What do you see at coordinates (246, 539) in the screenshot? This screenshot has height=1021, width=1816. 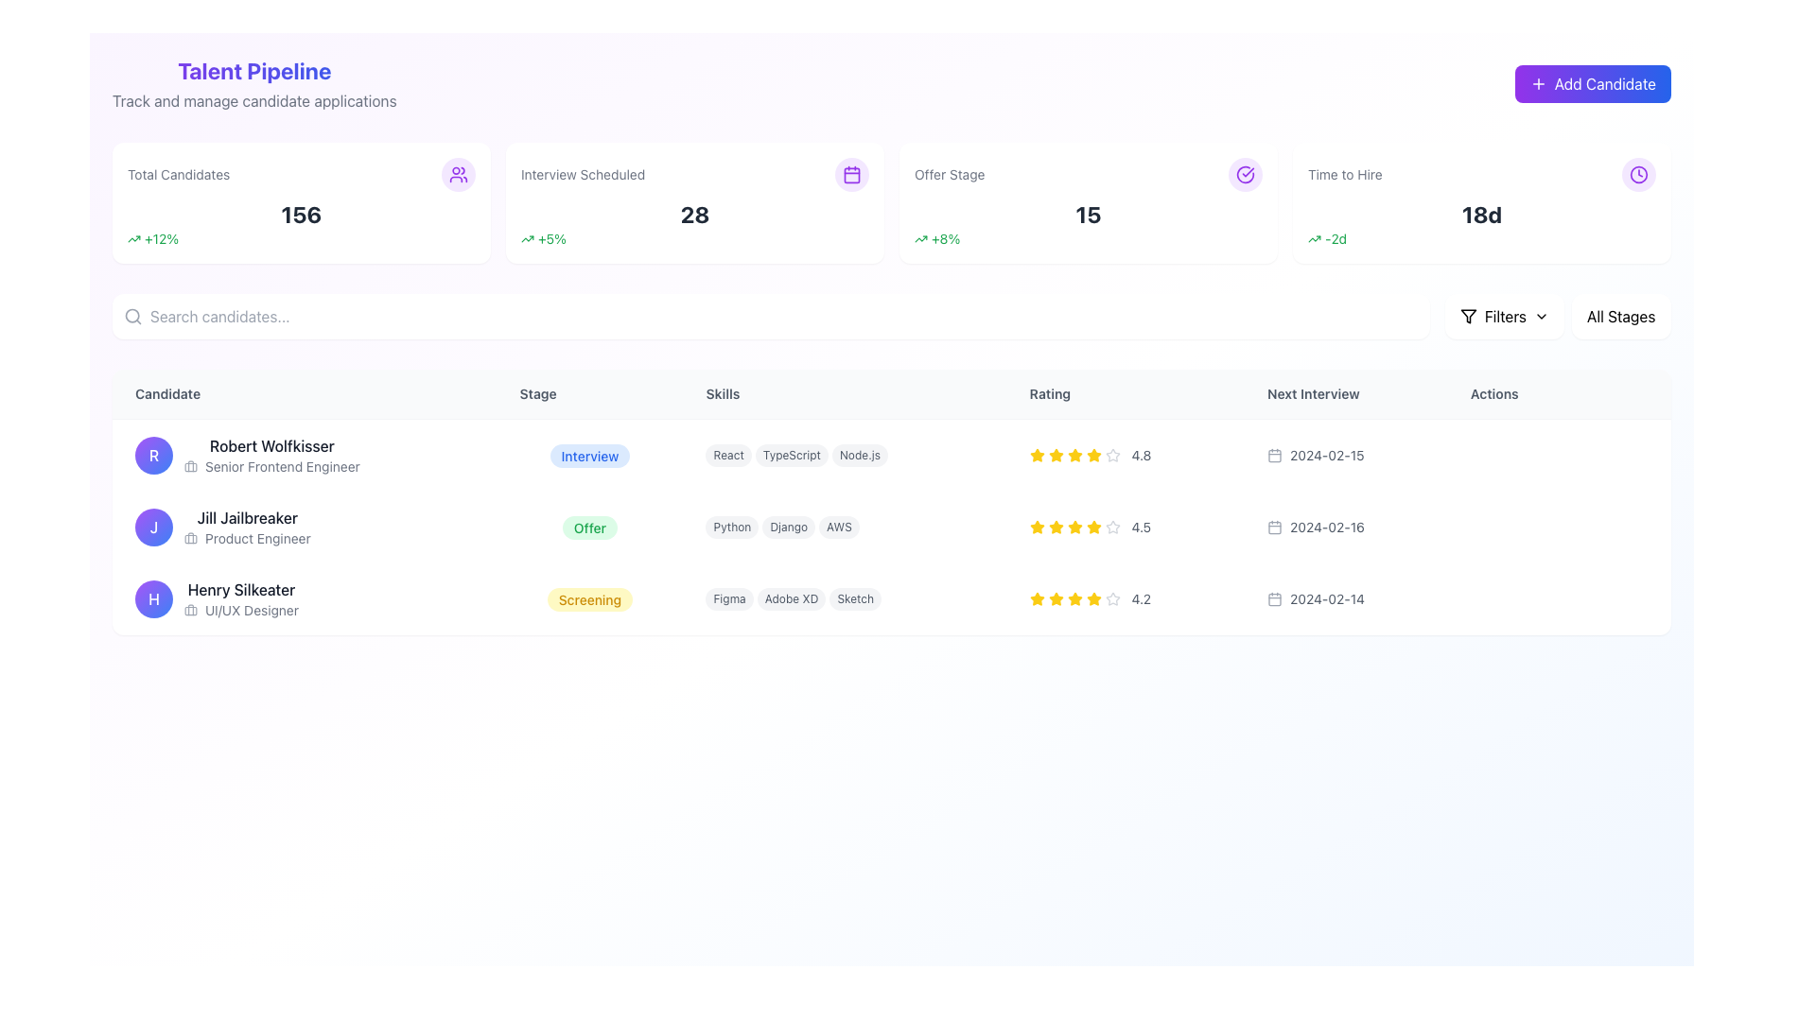 I see `the labeled text element displaying 'Product Engineer' with a briefcase icon in the second row of the 'Candidate' column` at bounding box center [246, 539].